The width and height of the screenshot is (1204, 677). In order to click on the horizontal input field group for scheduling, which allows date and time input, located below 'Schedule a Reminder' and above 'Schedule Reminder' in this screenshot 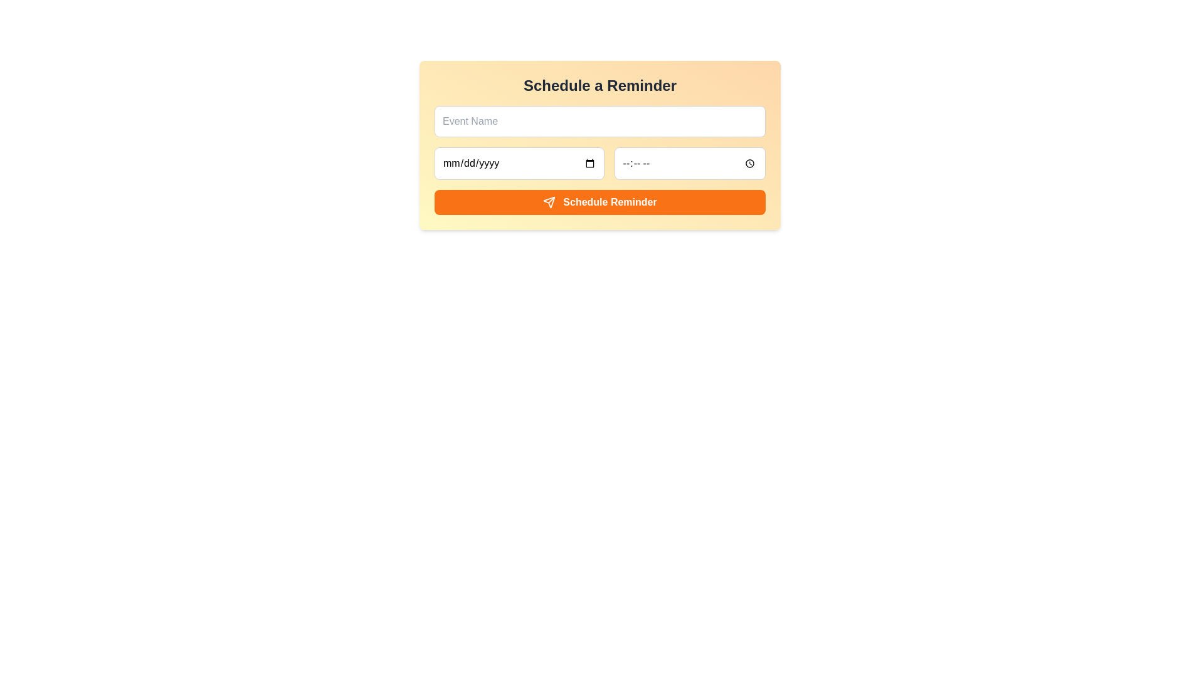, I will do `click(599, 163)`.